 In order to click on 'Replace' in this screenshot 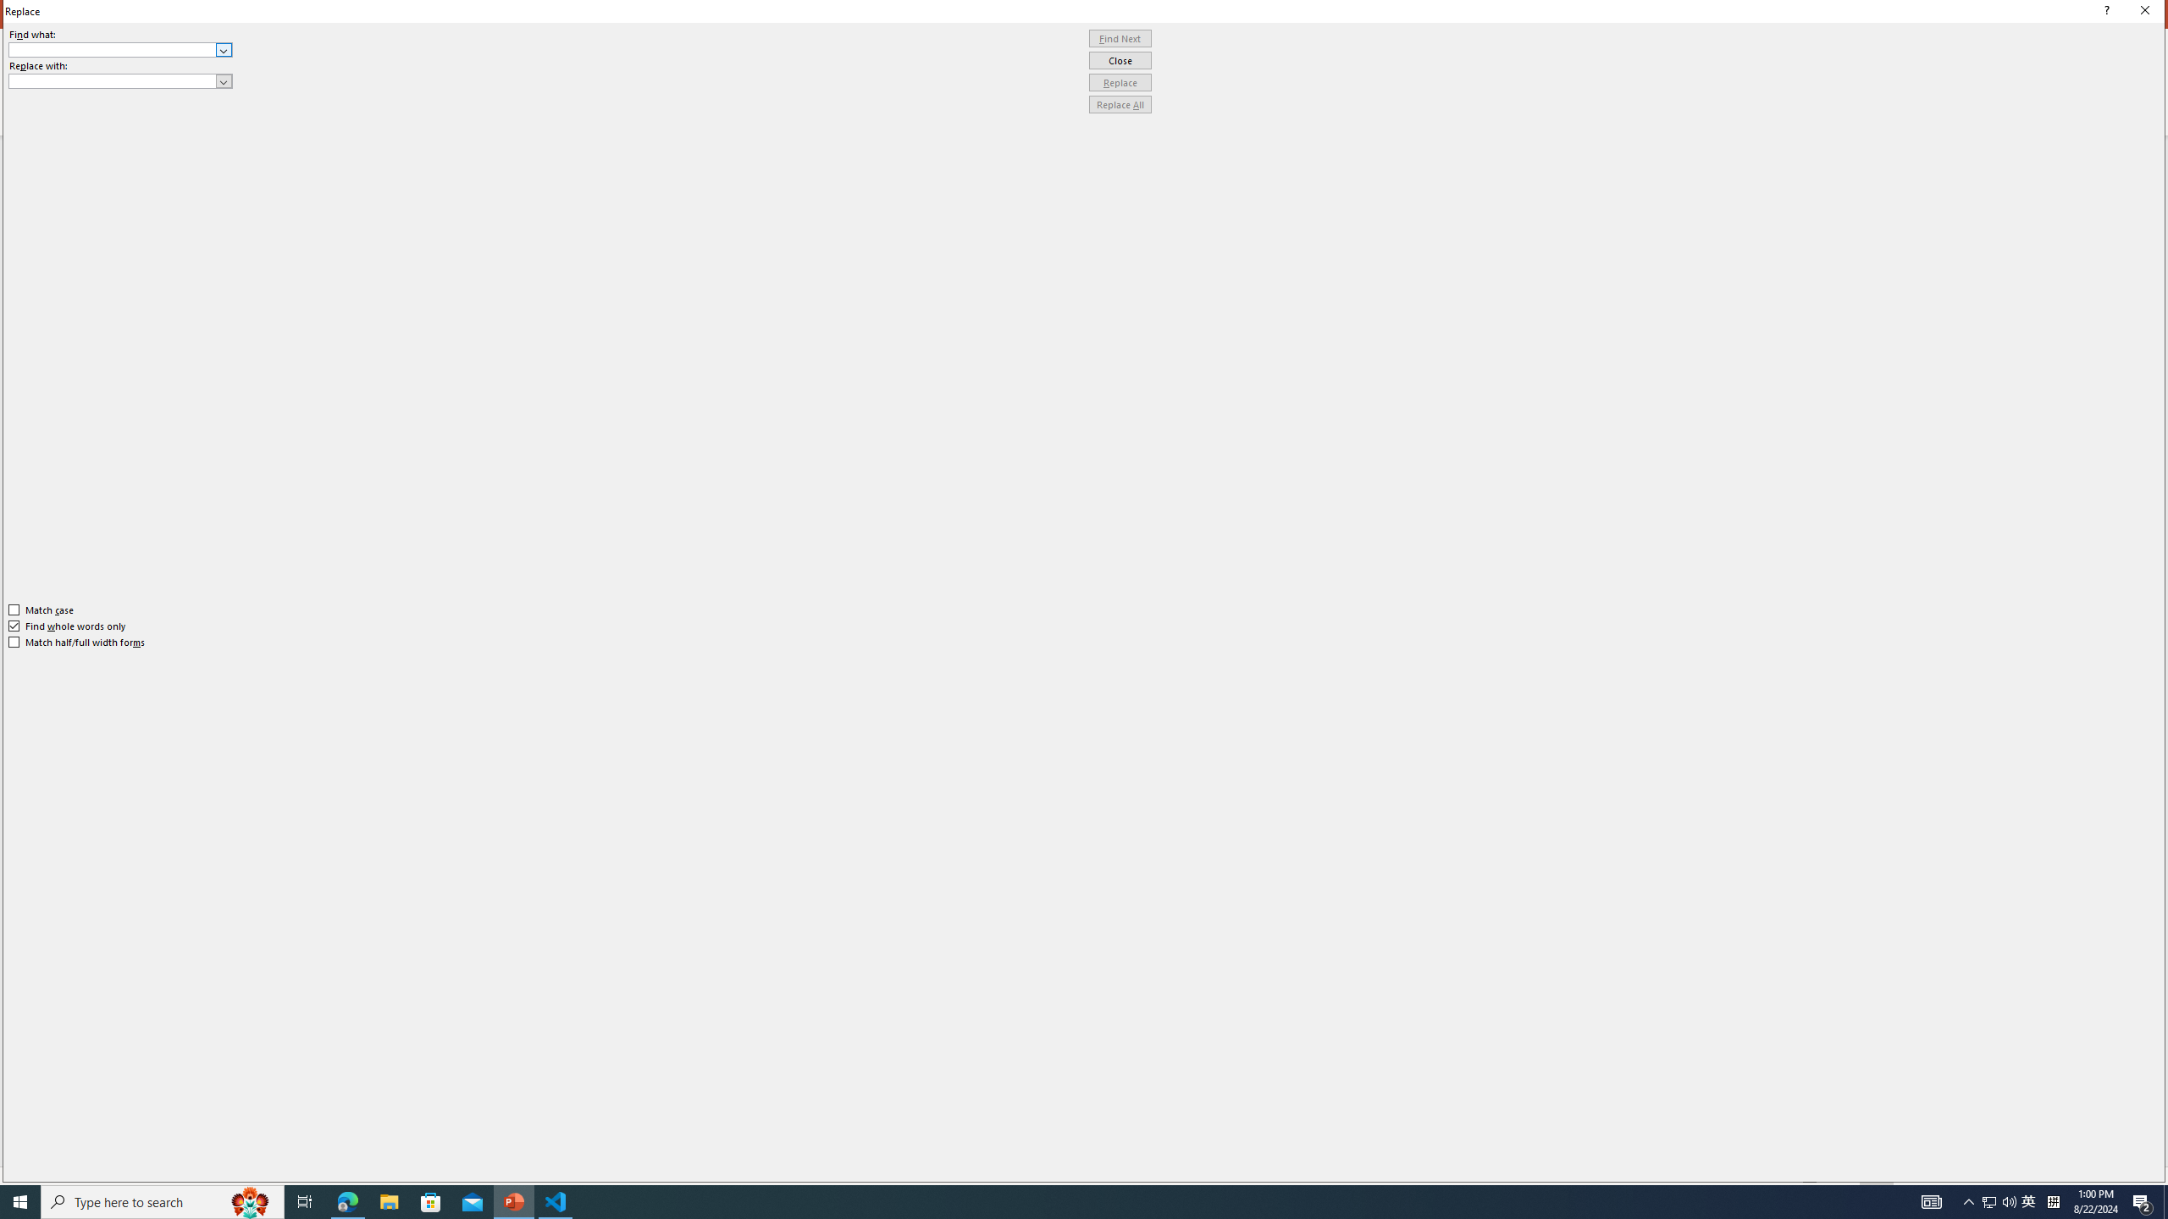, I will do `click(1120, 81)`.